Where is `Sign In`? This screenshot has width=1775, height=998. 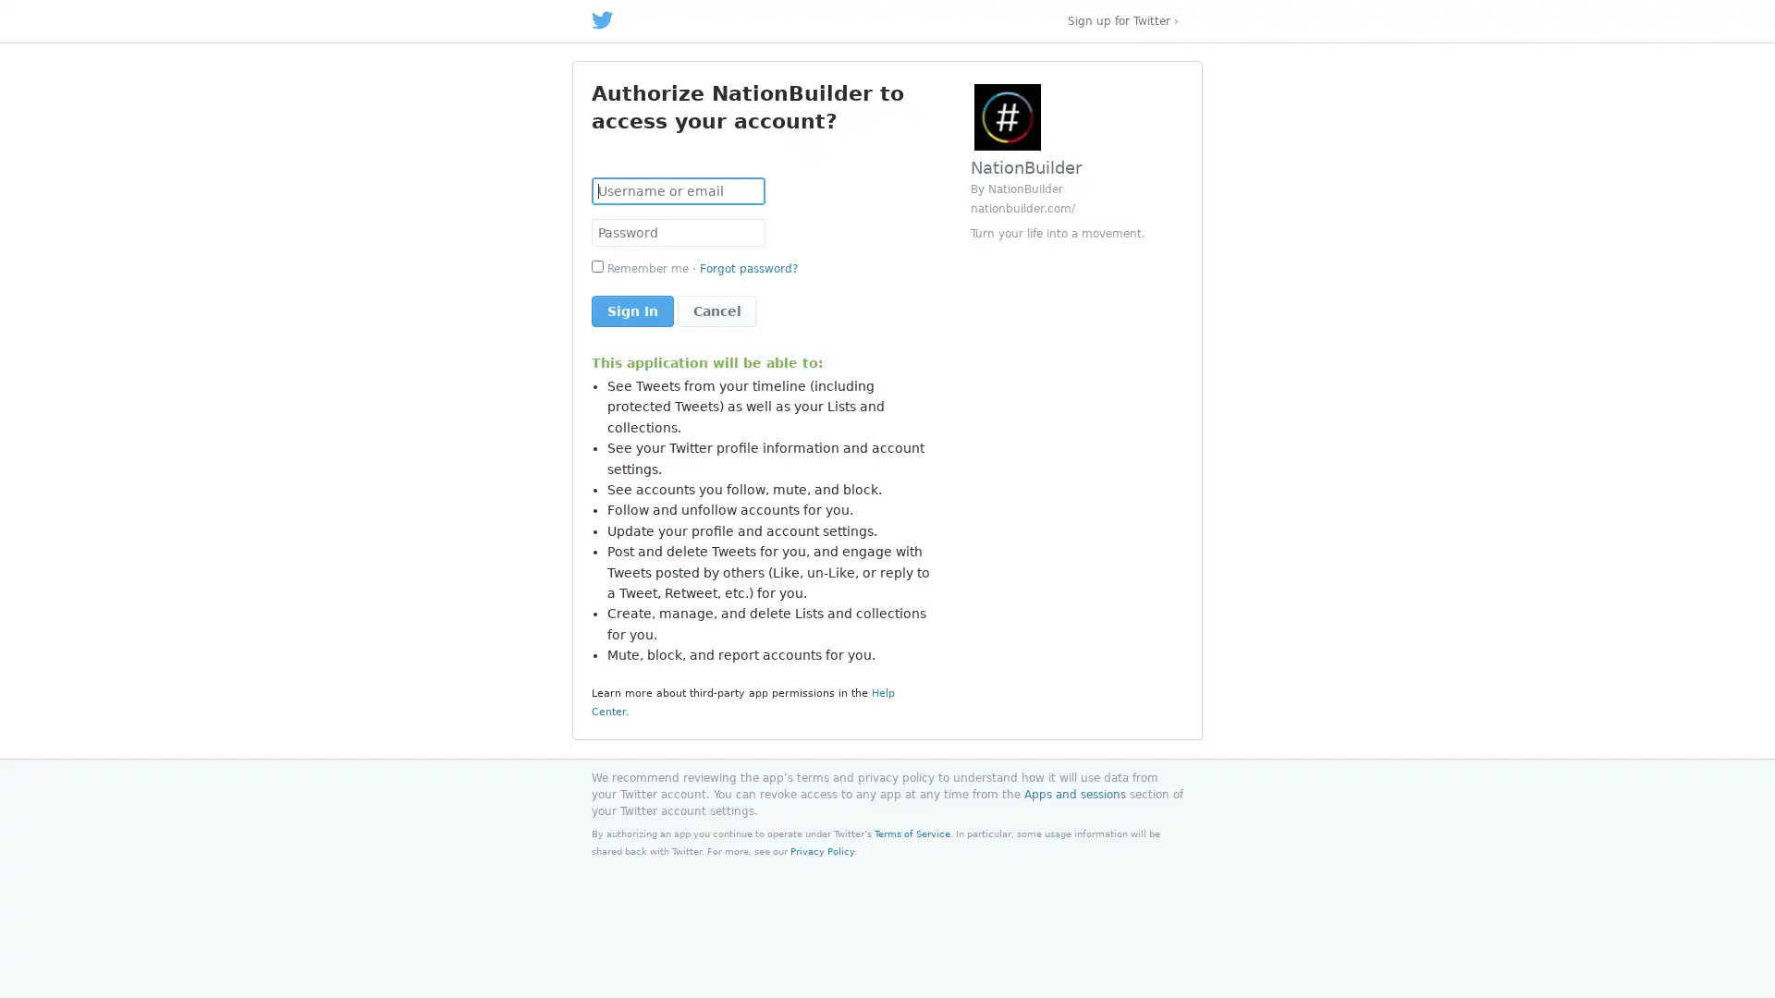
Sign In is located at coordinates (632, 310).